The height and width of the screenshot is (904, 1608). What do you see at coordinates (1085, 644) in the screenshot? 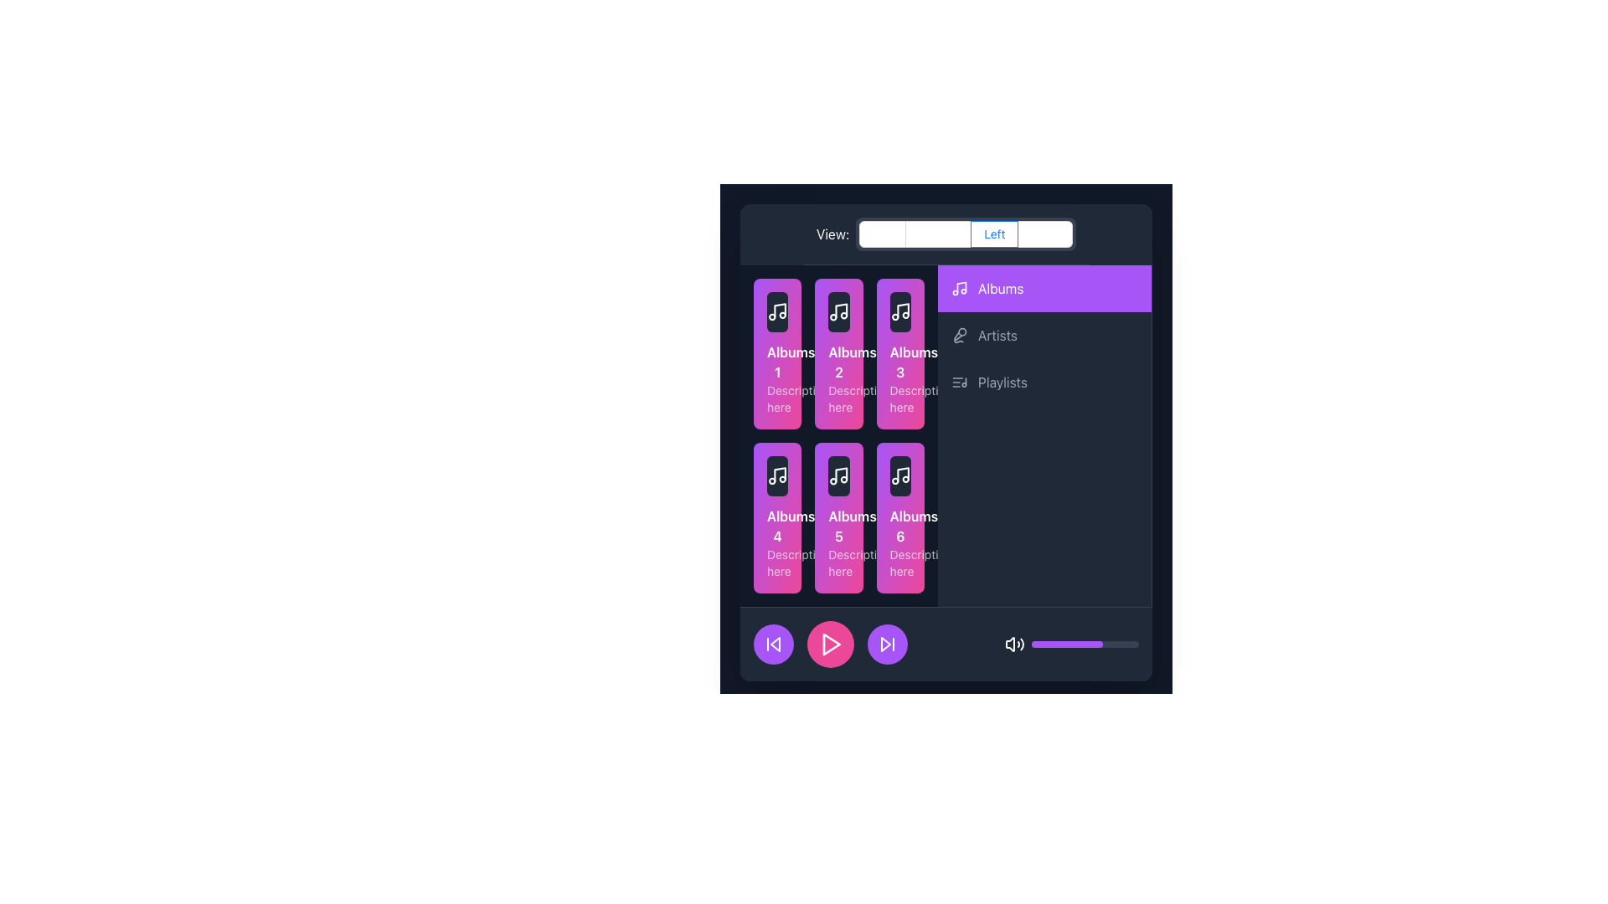
I see `the progress bar by dragging it to adjust the progress, located at the bottom-right corner of the interface, to the immediate right of the volume icon` at bounding box center [1085, 644].